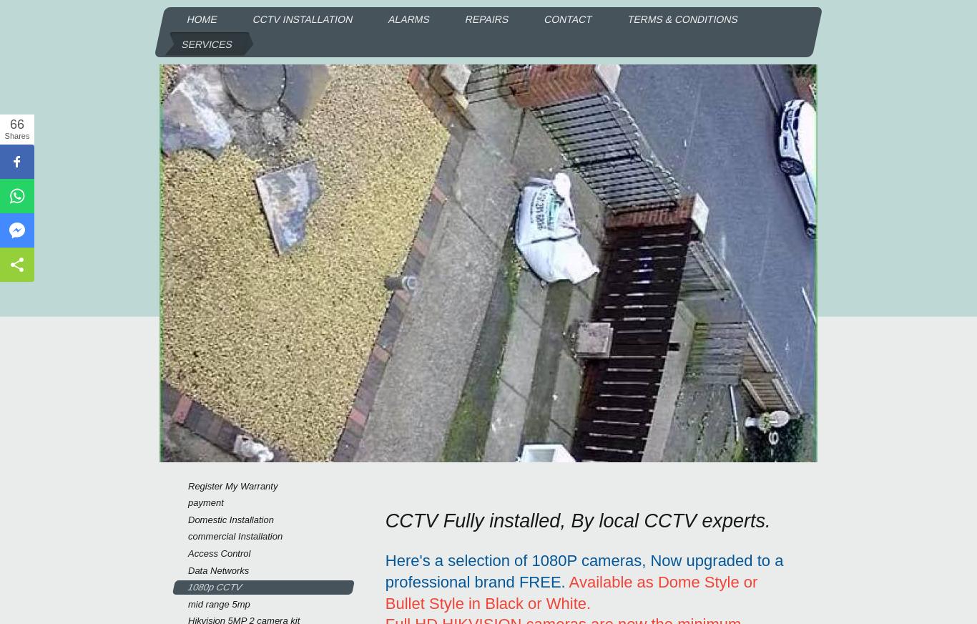 The height and width of the screenshot is (624, 977). What do you see at coordinates (187, 587) in the screenshot?
I see `'1080p CCTV'` at bounding box center [187, 587].